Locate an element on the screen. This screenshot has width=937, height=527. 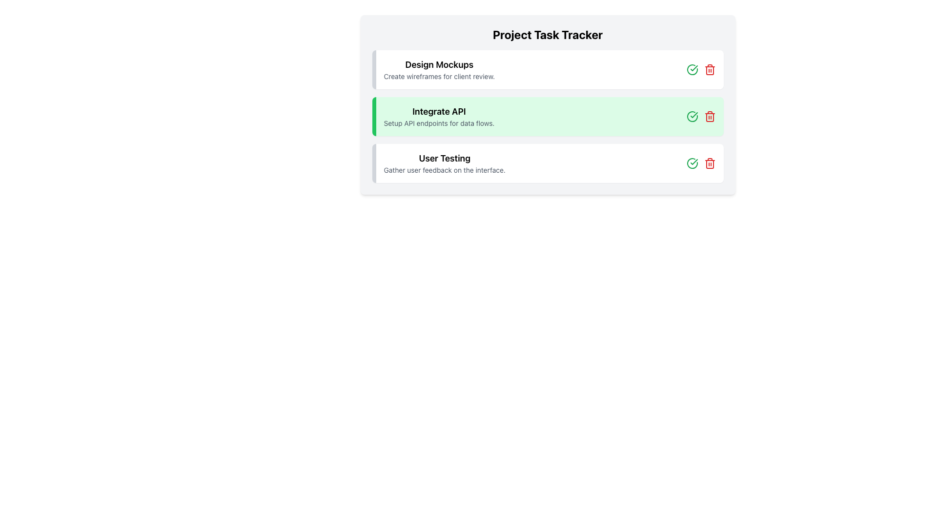
the text label that serves as a title for the task, specifically the second task item in the list titled 'Project Task Tracker', which is positioned above 'Setup API endpoints for data flows.' is located at coordinates (438, 111).